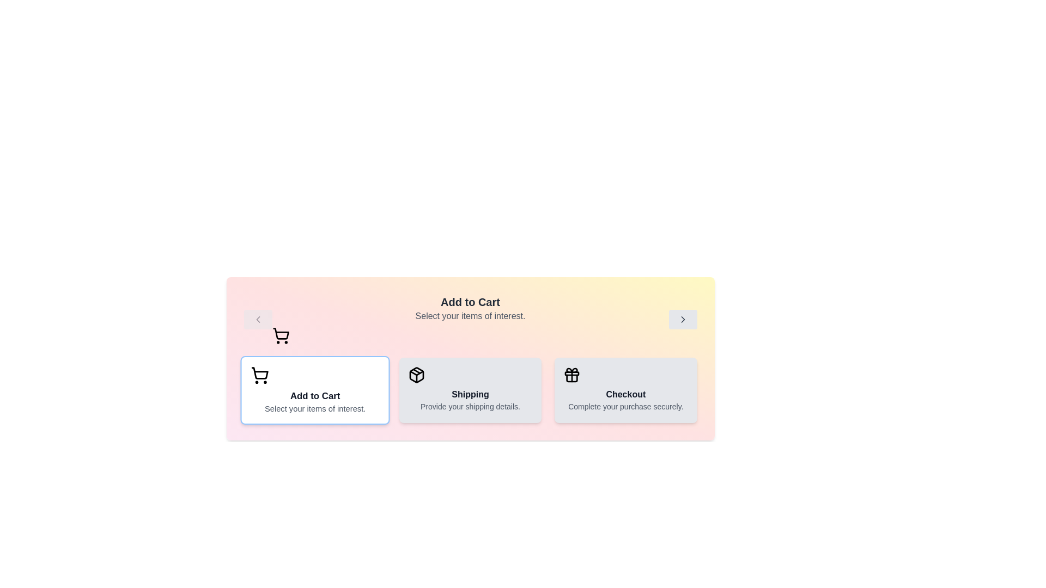 Image resolution: width=1046 pixels, height=588 pixels. What do you see at coordinates (470, 390) in the screenshot?
I see `information presented in the second informational box of the checkout process, which provides shipping details and is styled with a gradient background and rounded edges` at bounding box center [470, 390].